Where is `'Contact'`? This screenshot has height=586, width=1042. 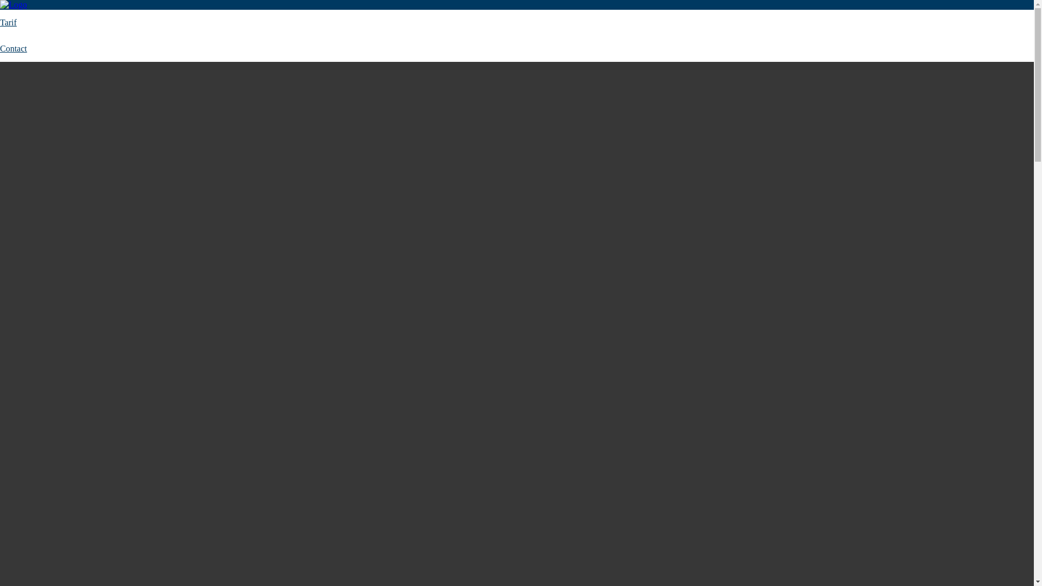 'Contact' is located at coordinates (0, 48).